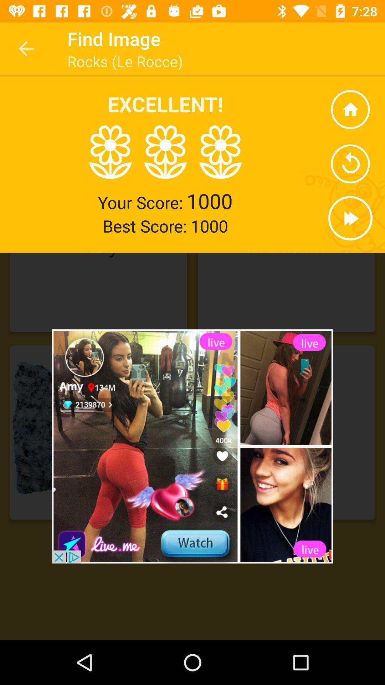  What do you see at coordinates (350, 109) in the screenshot?
I see `the home icon` at bounding box center [350, 109].